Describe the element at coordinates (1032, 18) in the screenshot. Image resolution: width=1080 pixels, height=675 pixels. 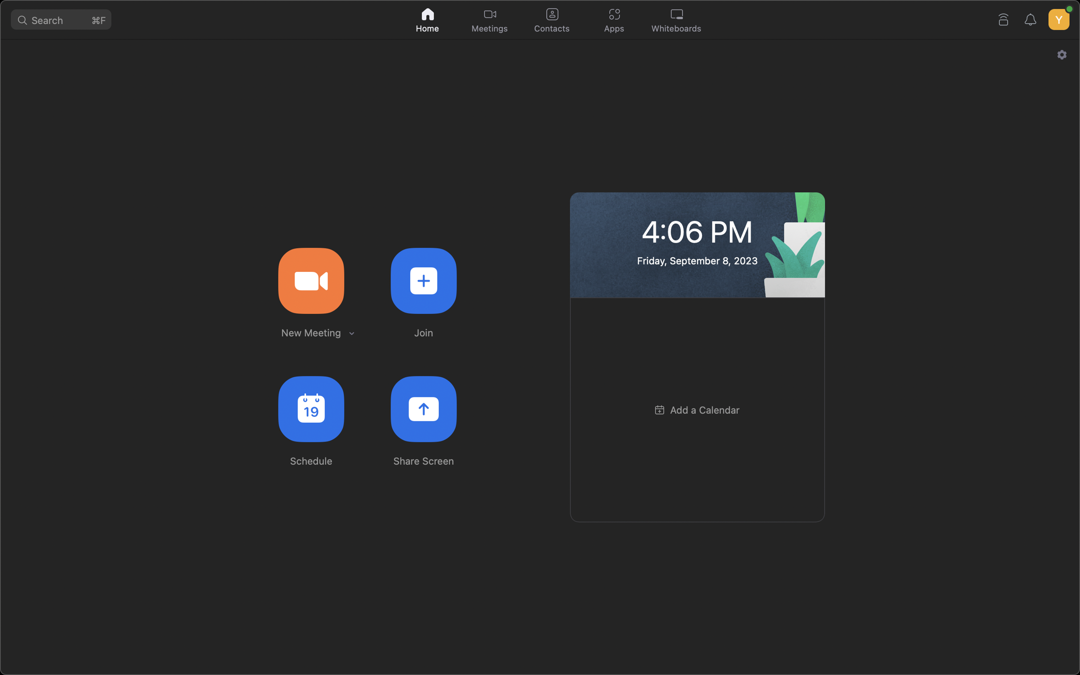
I see `For notifications, click on the bell shaped alert icon` at that location.